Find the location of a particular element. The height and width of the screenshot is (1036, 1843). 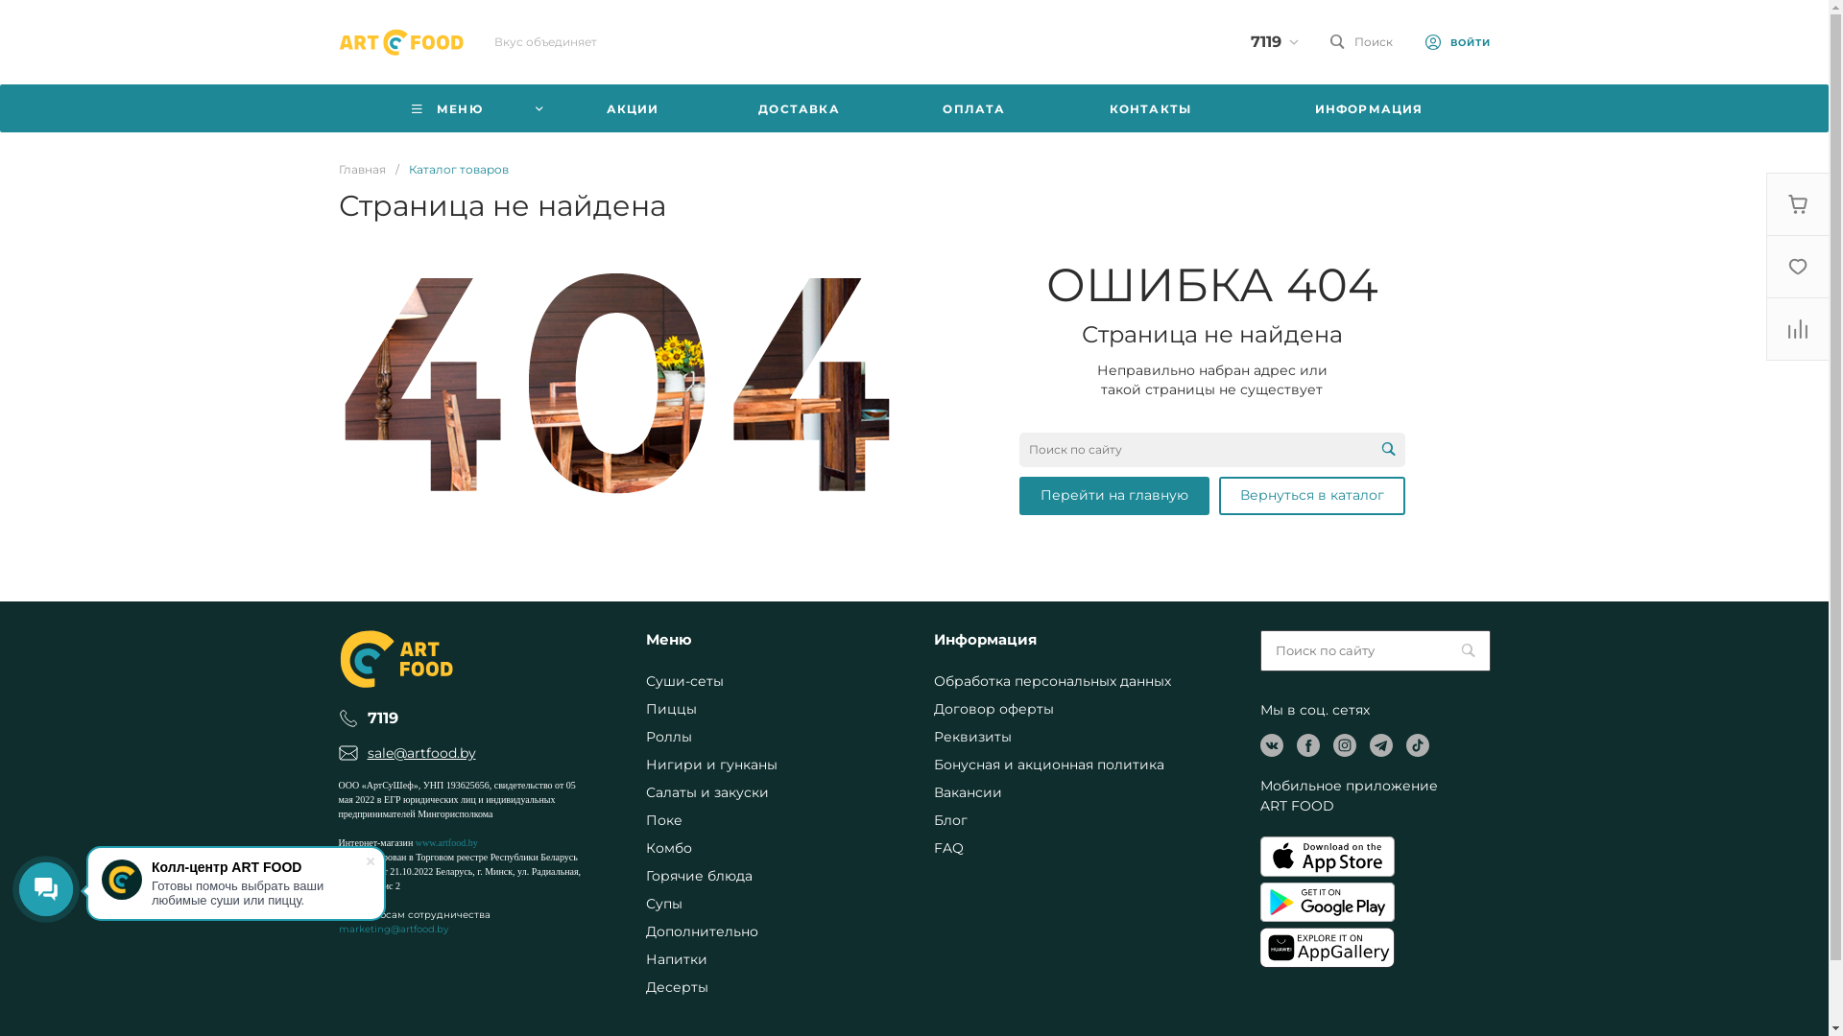

'FAQ' is located at coordinates (947, 846).